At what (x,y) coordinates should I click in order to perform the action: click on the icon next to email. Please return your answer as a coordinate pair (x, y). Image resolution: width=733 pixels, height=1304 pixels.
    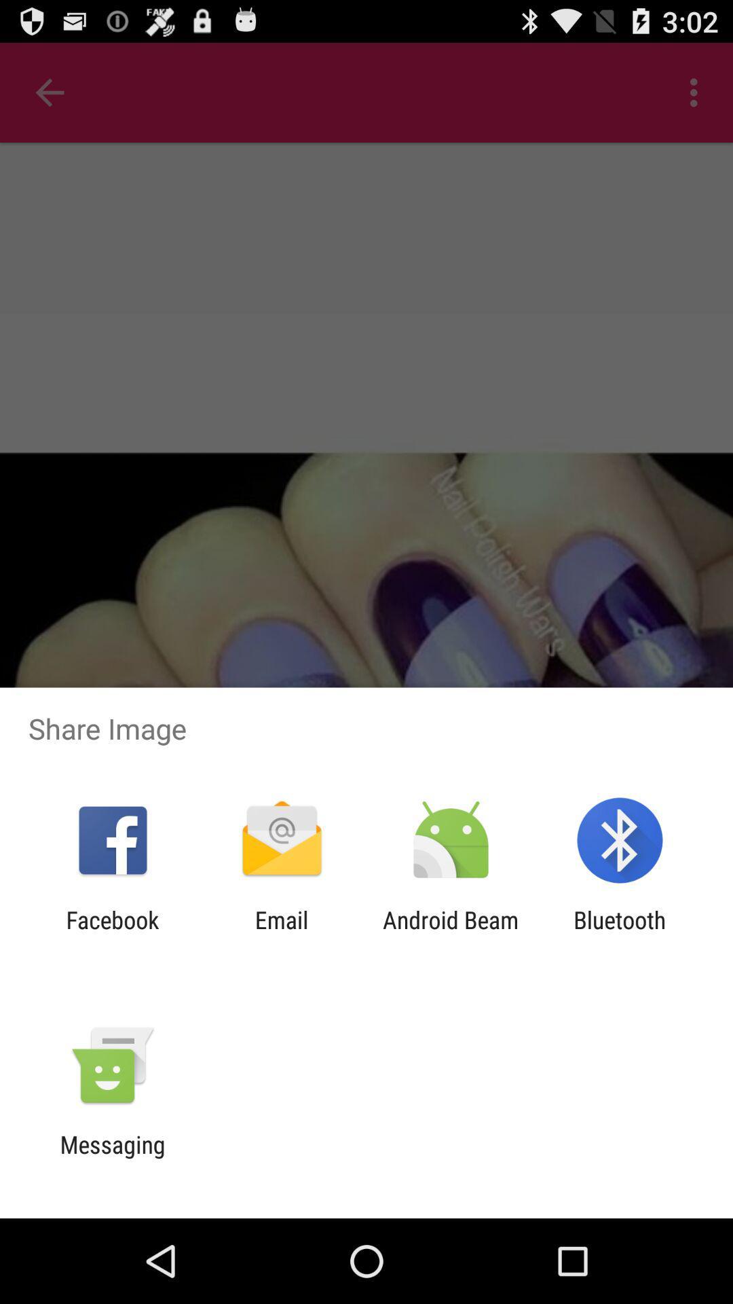
    Looking at the image, I should click on (451, 933).